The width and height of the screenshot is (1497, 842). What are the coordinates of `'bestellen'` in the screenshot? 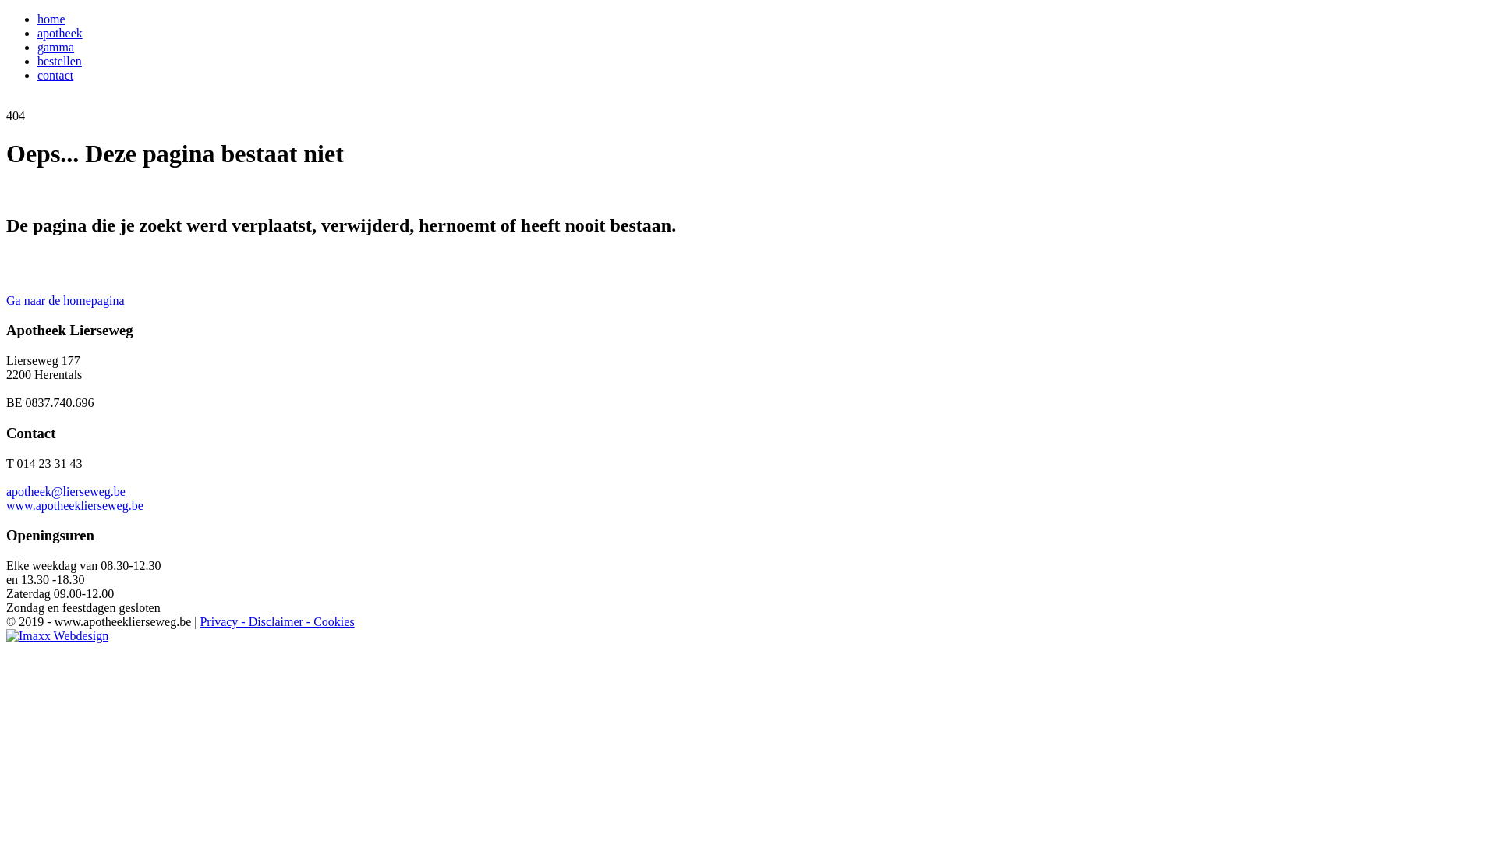 It's located at (59, 60).